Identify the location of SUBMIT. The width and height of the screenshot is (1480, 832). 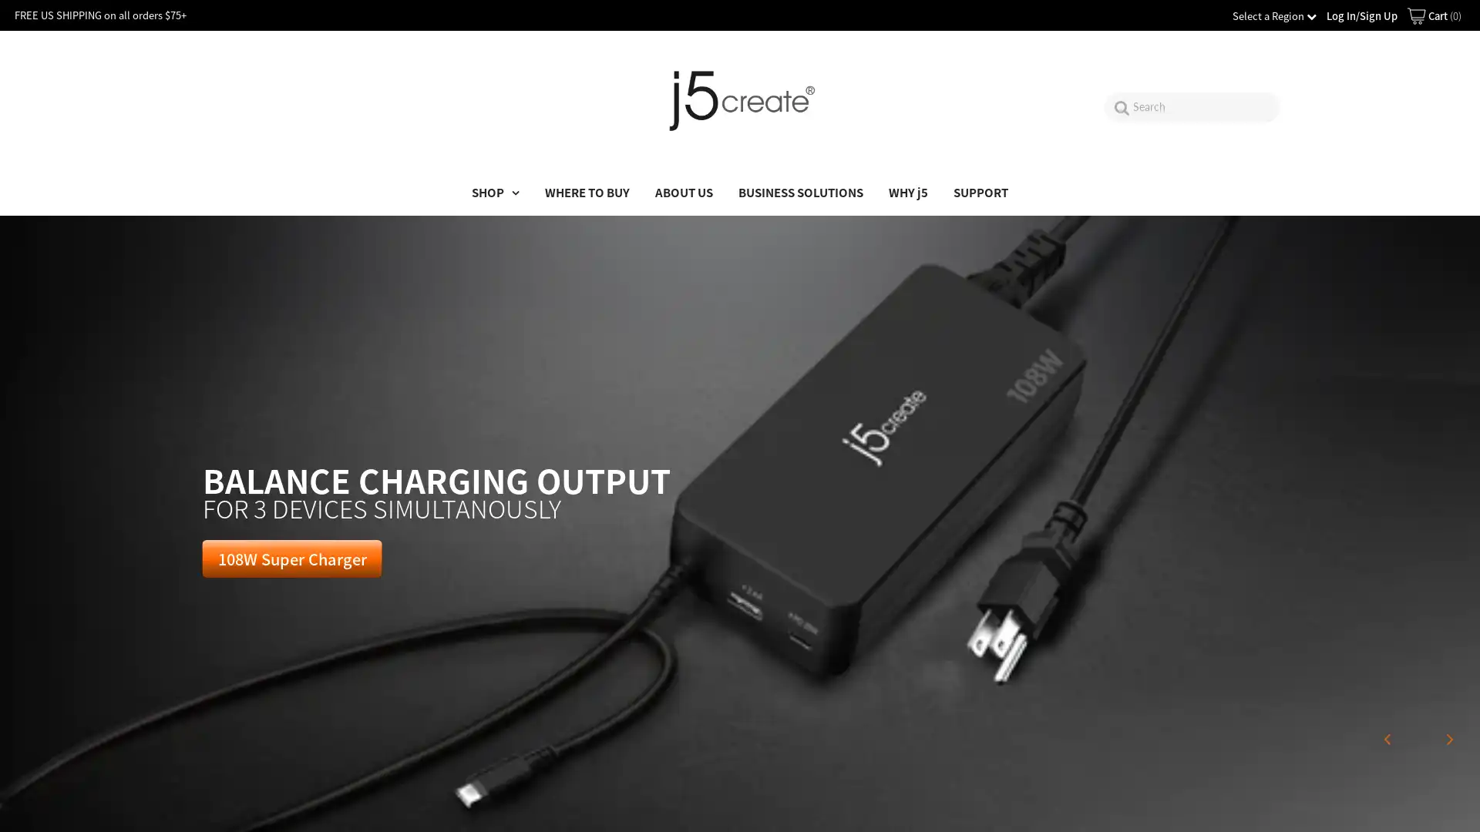
(740, 428).